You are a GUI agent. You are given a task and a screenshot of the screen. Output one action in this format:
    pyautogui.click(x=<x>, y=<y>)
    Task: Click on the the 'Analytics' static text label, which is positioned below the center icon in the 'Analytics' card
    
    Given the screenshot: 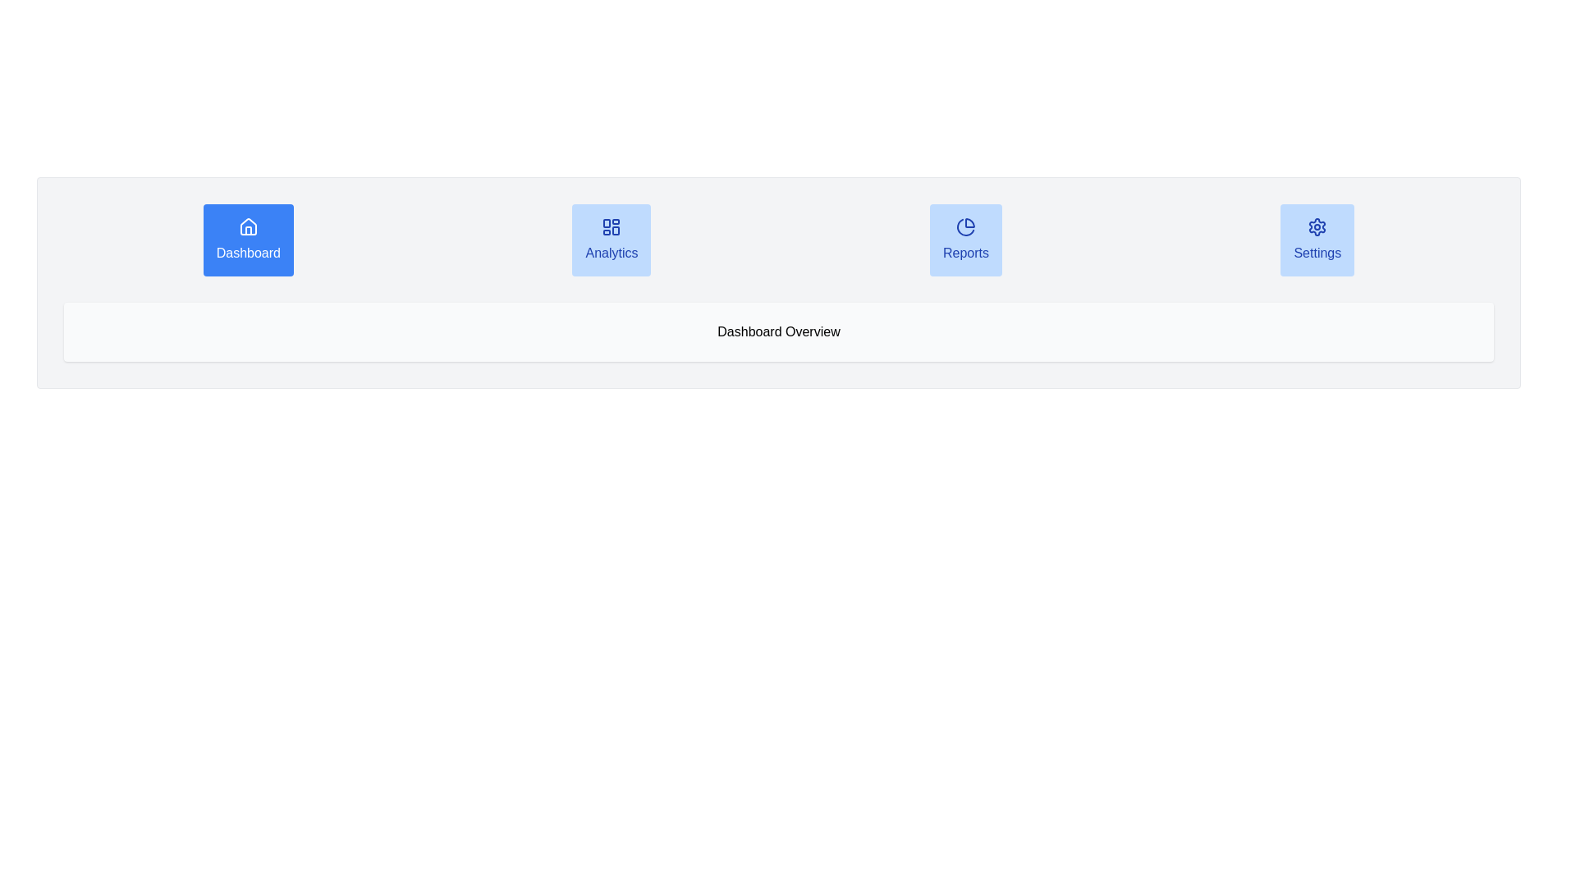 What is the action you would take?
    pyautogui.click(x=611, y=253)
    